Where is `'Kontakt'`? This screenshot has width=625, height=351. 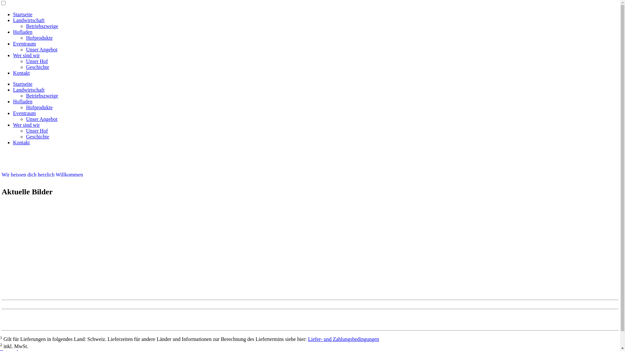
'Kontakt' is located at coordinates (13, 73).